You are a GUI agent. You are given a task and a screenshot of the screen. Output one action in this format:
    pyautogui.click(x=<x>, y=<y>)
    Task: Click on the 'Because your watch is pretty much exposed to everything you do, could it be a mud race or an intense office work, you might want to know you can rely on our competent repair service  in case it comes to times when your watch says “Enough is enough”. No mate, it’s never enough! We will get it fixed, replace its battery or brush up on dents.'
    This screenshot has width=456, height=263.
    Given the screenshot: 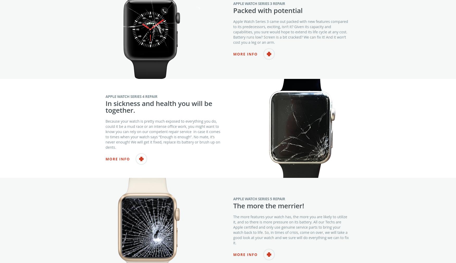 What is the action you would take?
    pyautogui.click(x=105, y=144)
    